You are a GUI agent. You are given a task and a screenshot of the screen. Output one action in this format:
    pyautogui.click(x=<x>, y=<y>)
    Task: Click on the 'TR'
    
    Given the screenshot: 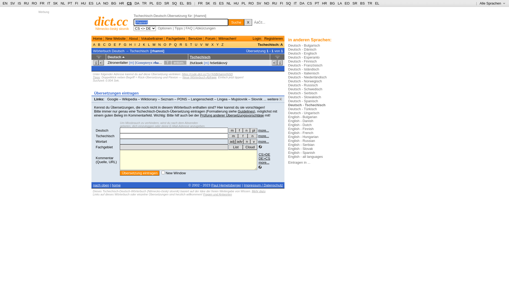 What is the action you would take?
    pyautogui.click(x=144, y=3)
    